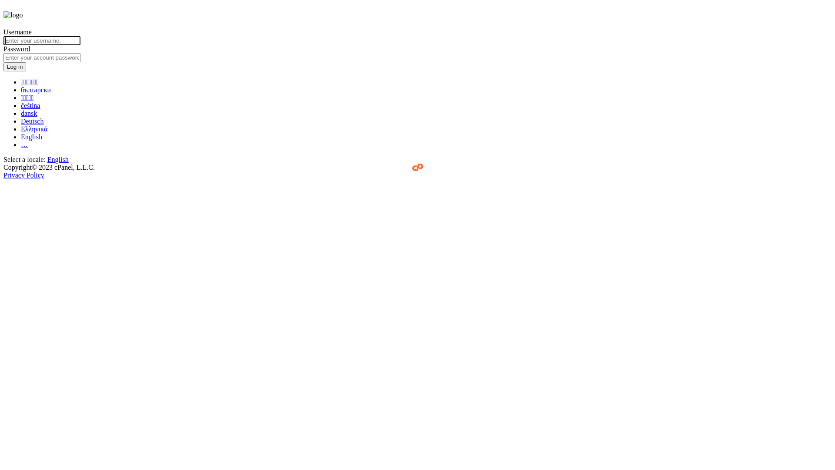  I want to click on 'English', so click(57, 159).